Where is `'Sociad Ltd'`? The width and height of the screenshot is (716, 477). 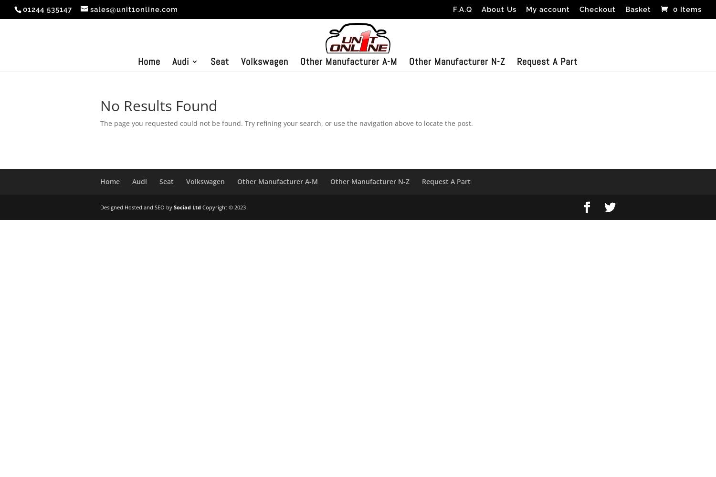 'Sociad Ltd' is located at coordinates (173, 207).